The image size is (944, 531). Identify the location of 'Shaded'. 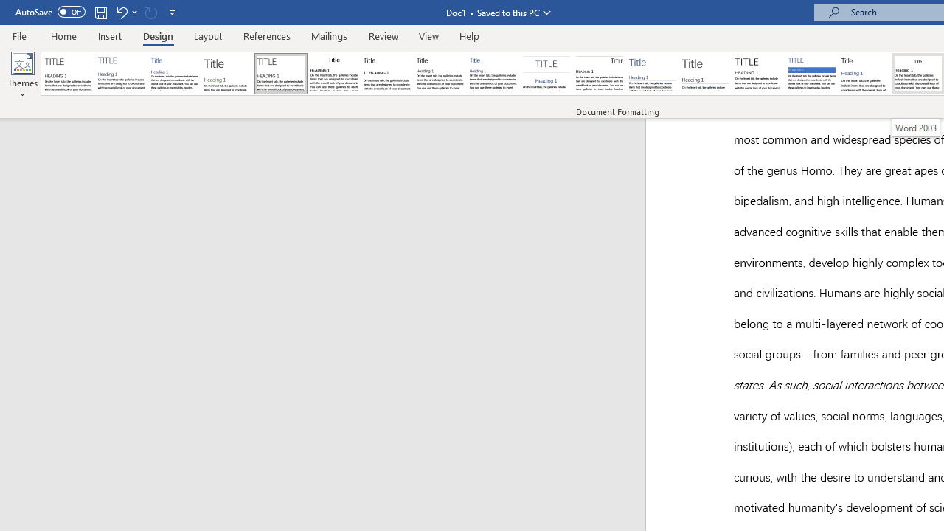
(811, 74).